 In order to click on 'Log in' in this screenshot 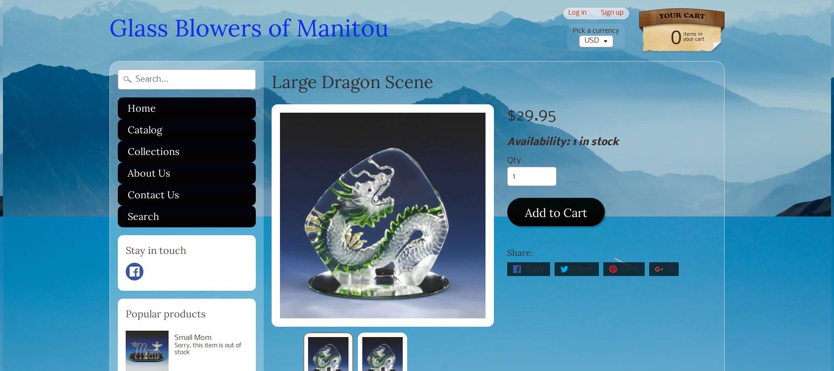, I will do `click(577, 13)`.